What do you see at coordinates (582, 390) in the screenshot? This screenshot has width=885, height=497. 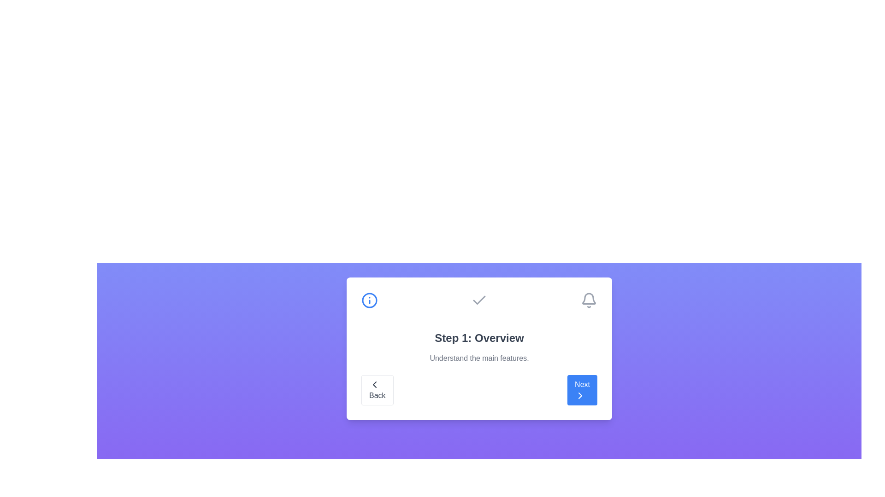 I see `the 'Next' button to navigate to the next step` at bounding box center [582, 390].